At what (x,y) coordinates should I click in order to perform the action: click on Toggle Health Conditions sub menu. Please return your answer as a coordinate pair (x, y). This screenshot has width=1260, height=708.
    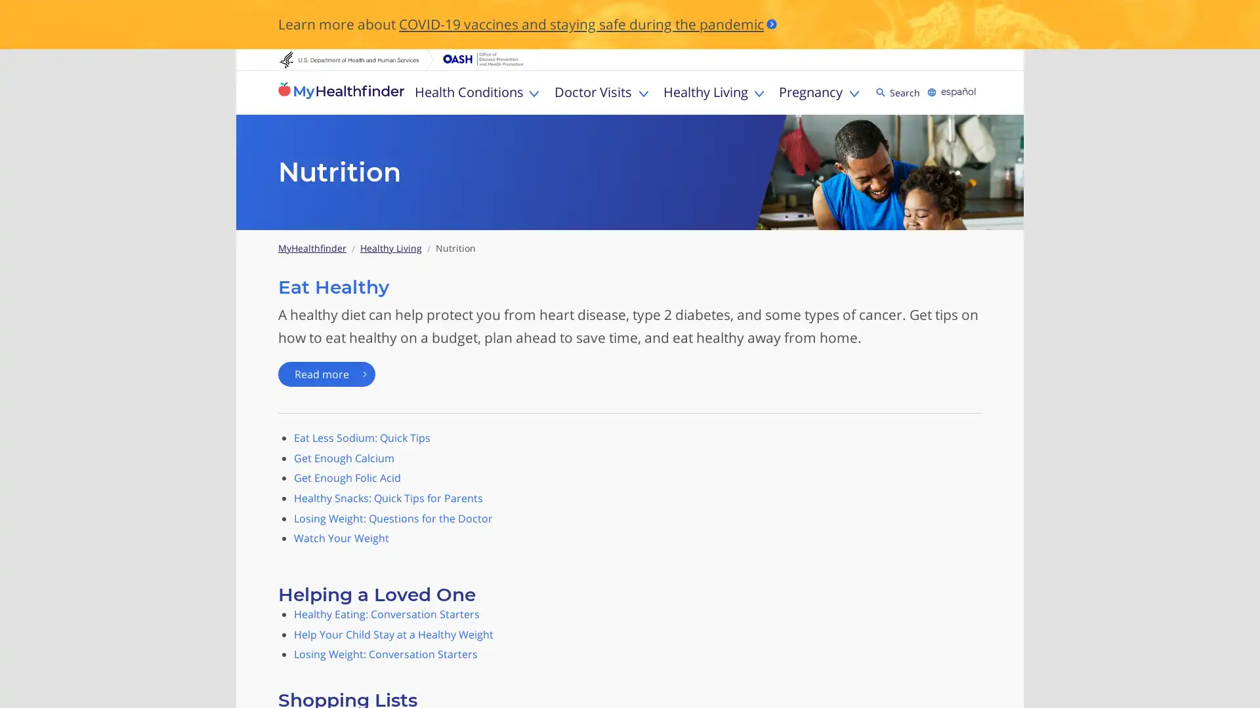
    Looking at the image, I should click on (534, 92).